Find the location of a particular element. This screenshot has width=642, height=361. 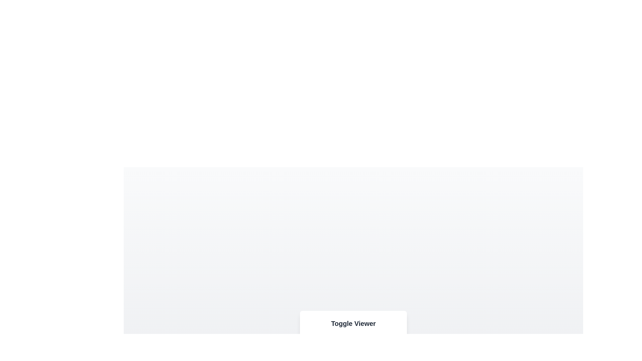

the button labeled Image to observe its hover effect is located at coordinates (320, 348).